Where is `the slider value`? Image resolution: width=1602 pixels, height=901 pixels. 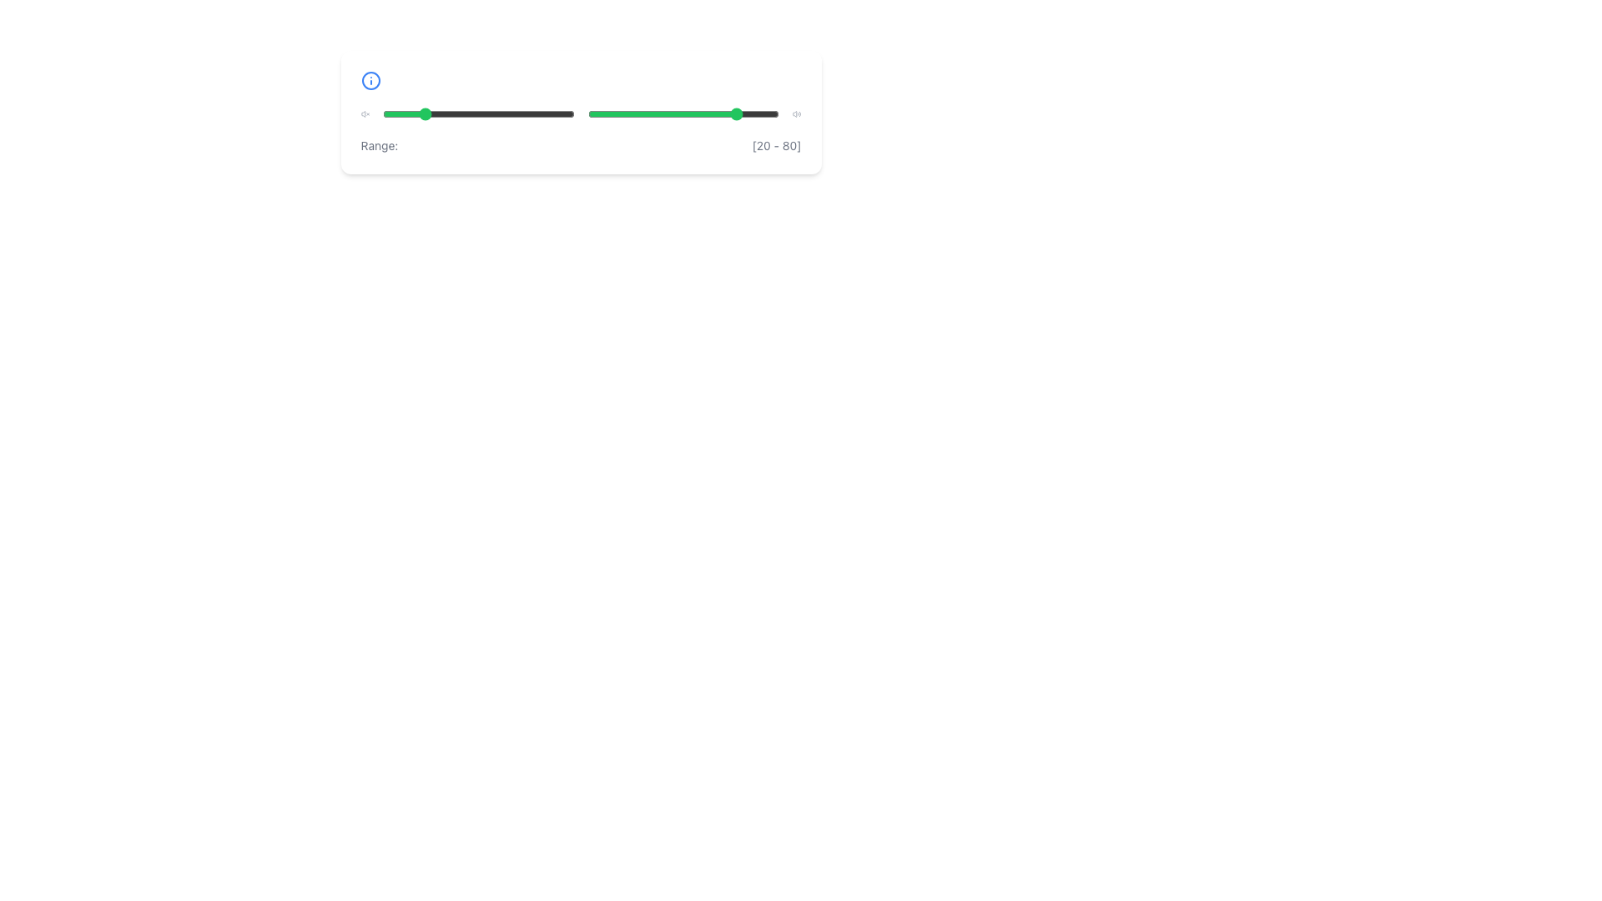
the slider value is located at coordinates (657, 113).